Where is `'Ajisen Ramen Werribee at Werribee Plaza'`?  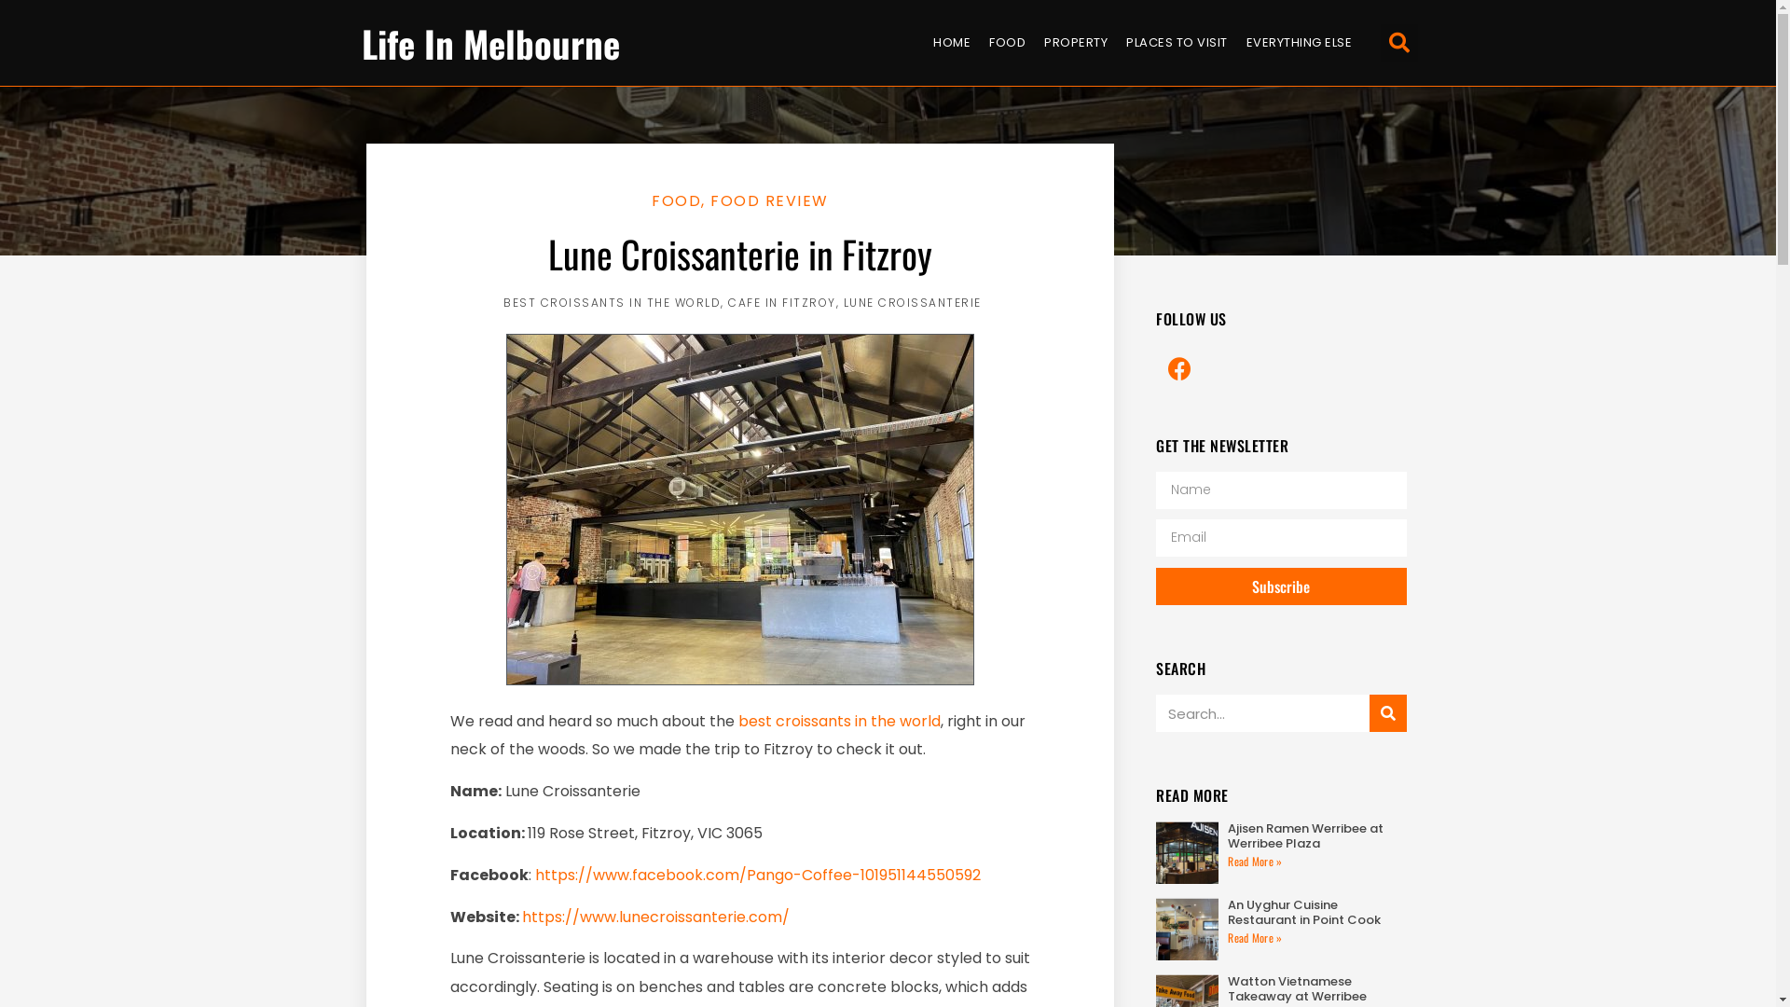
'Ajisen Ramen Werribee at Werribee Plaza' is located at coordinates (1227, 835).